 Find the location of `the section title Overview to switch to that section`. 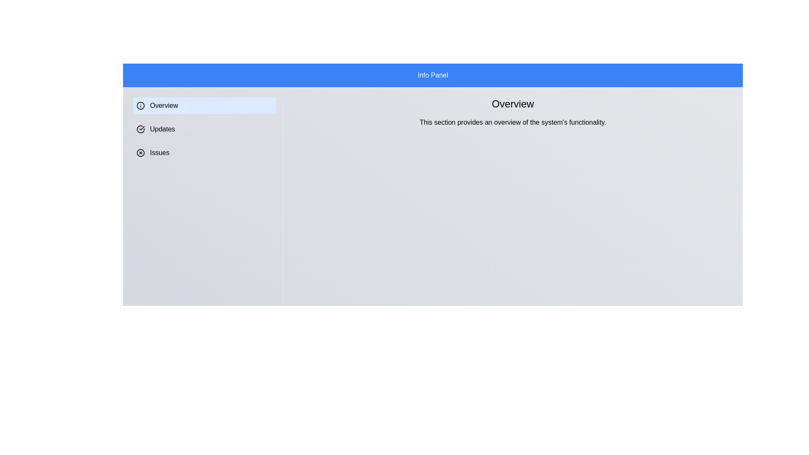

the section title Overview to switch to that section is located at coordinates (204, 105).